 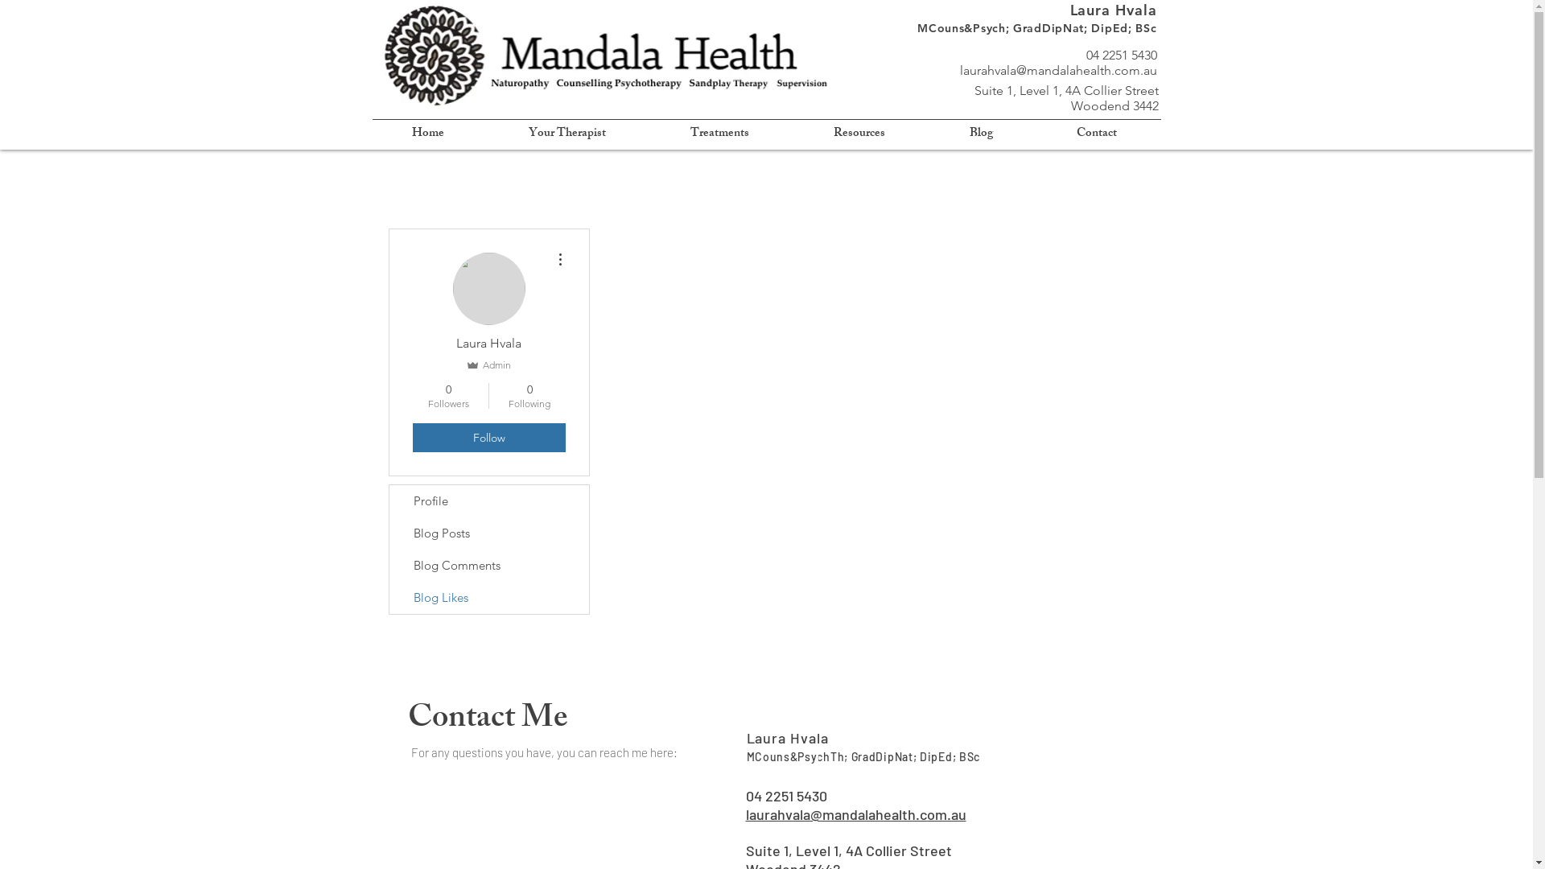 What do you see at coordinates (428, 133) in the screenshot?
I see `'Home'` at bounding box center [428, 133].